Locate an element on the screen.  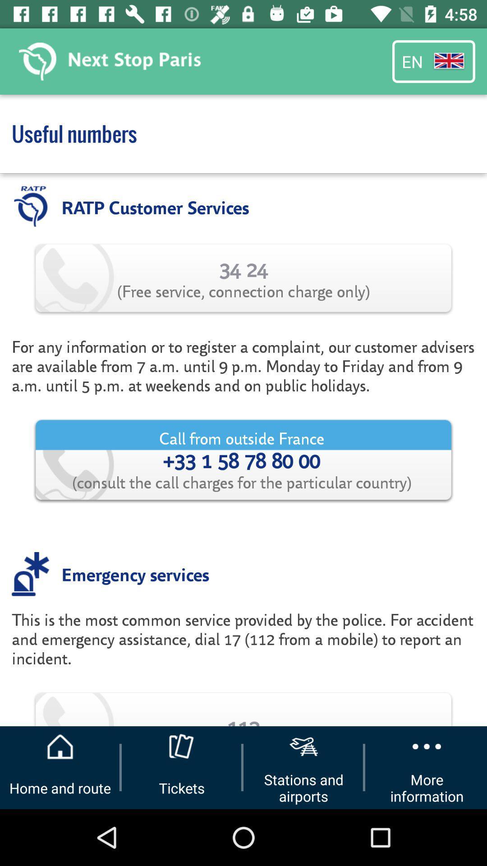
icon above the for any information app is located at coordinates (243, 277).